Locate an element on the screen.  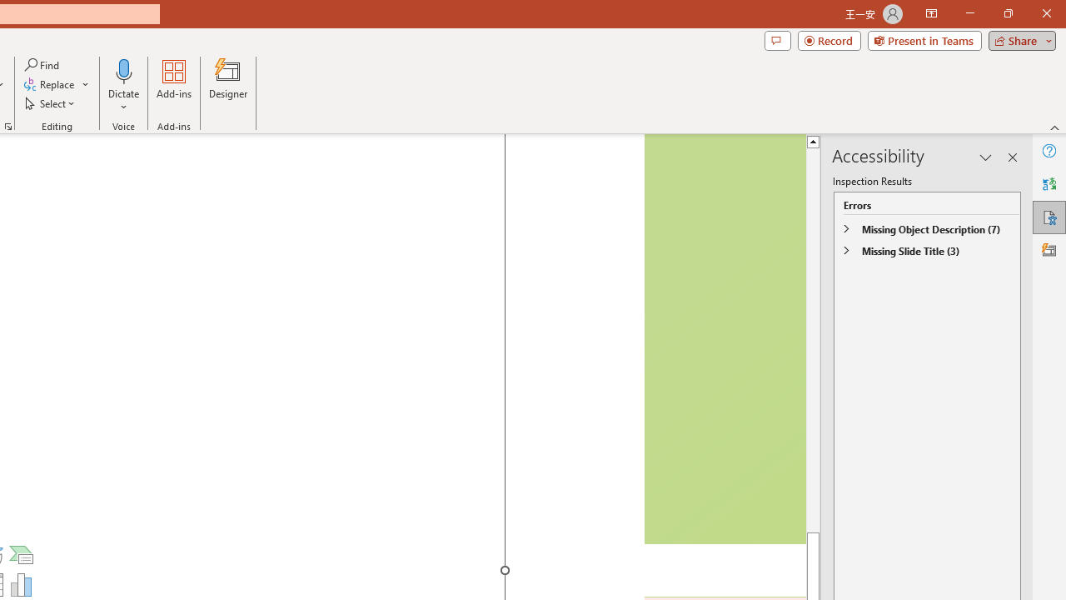
'Camera 5, No camera detected.' is located at coordinates (724, 338).